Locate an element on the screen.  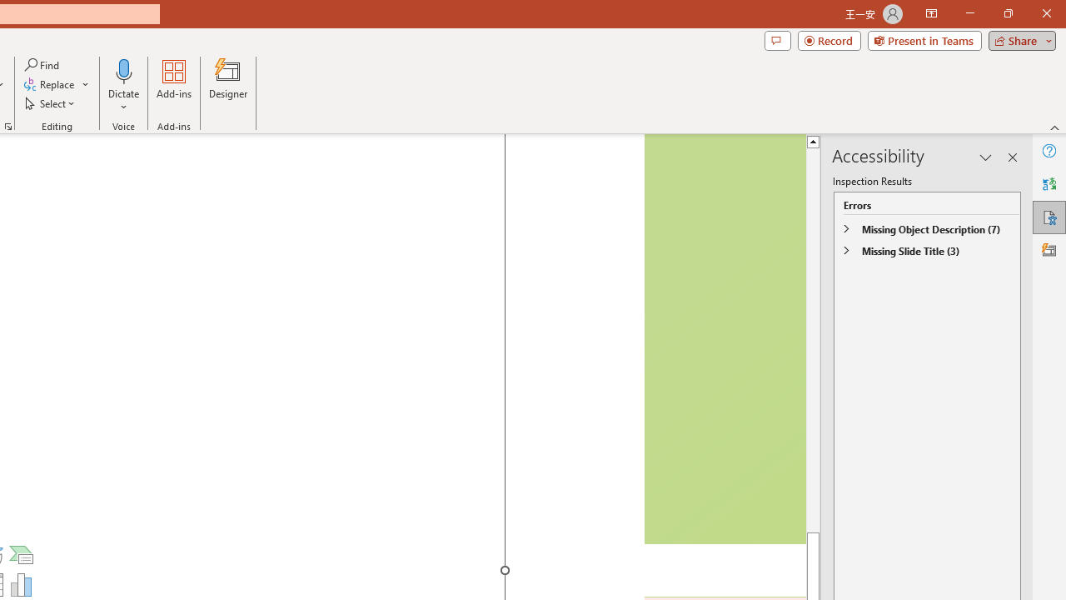
'Camera 5, No camera detected.' is located at coordinates (724, 338).